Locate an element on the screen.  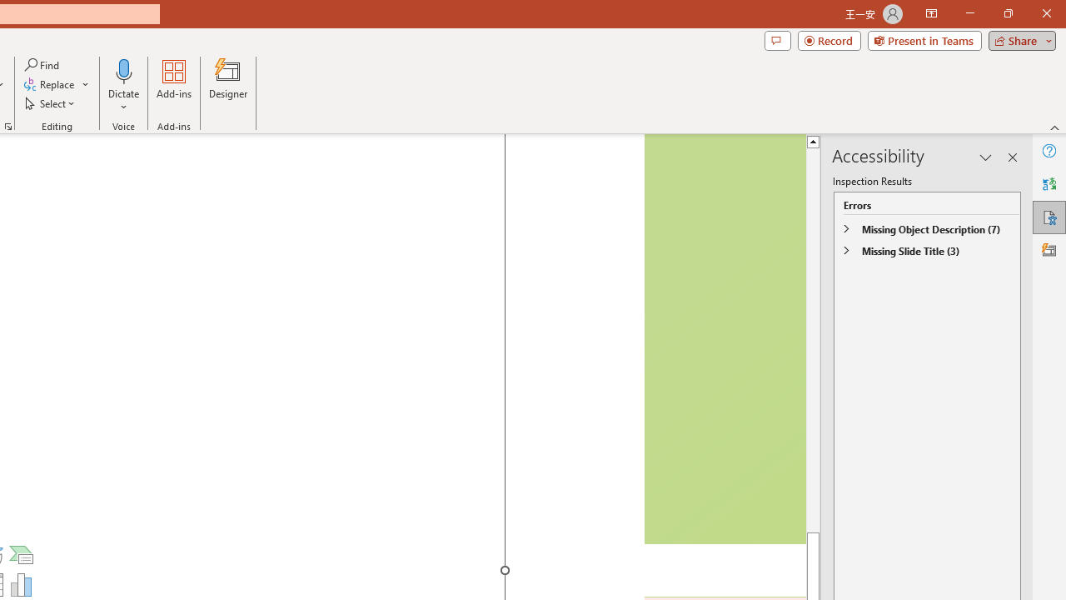
'Camera 5, No camera detected.' is located at coordinates (724, 338).